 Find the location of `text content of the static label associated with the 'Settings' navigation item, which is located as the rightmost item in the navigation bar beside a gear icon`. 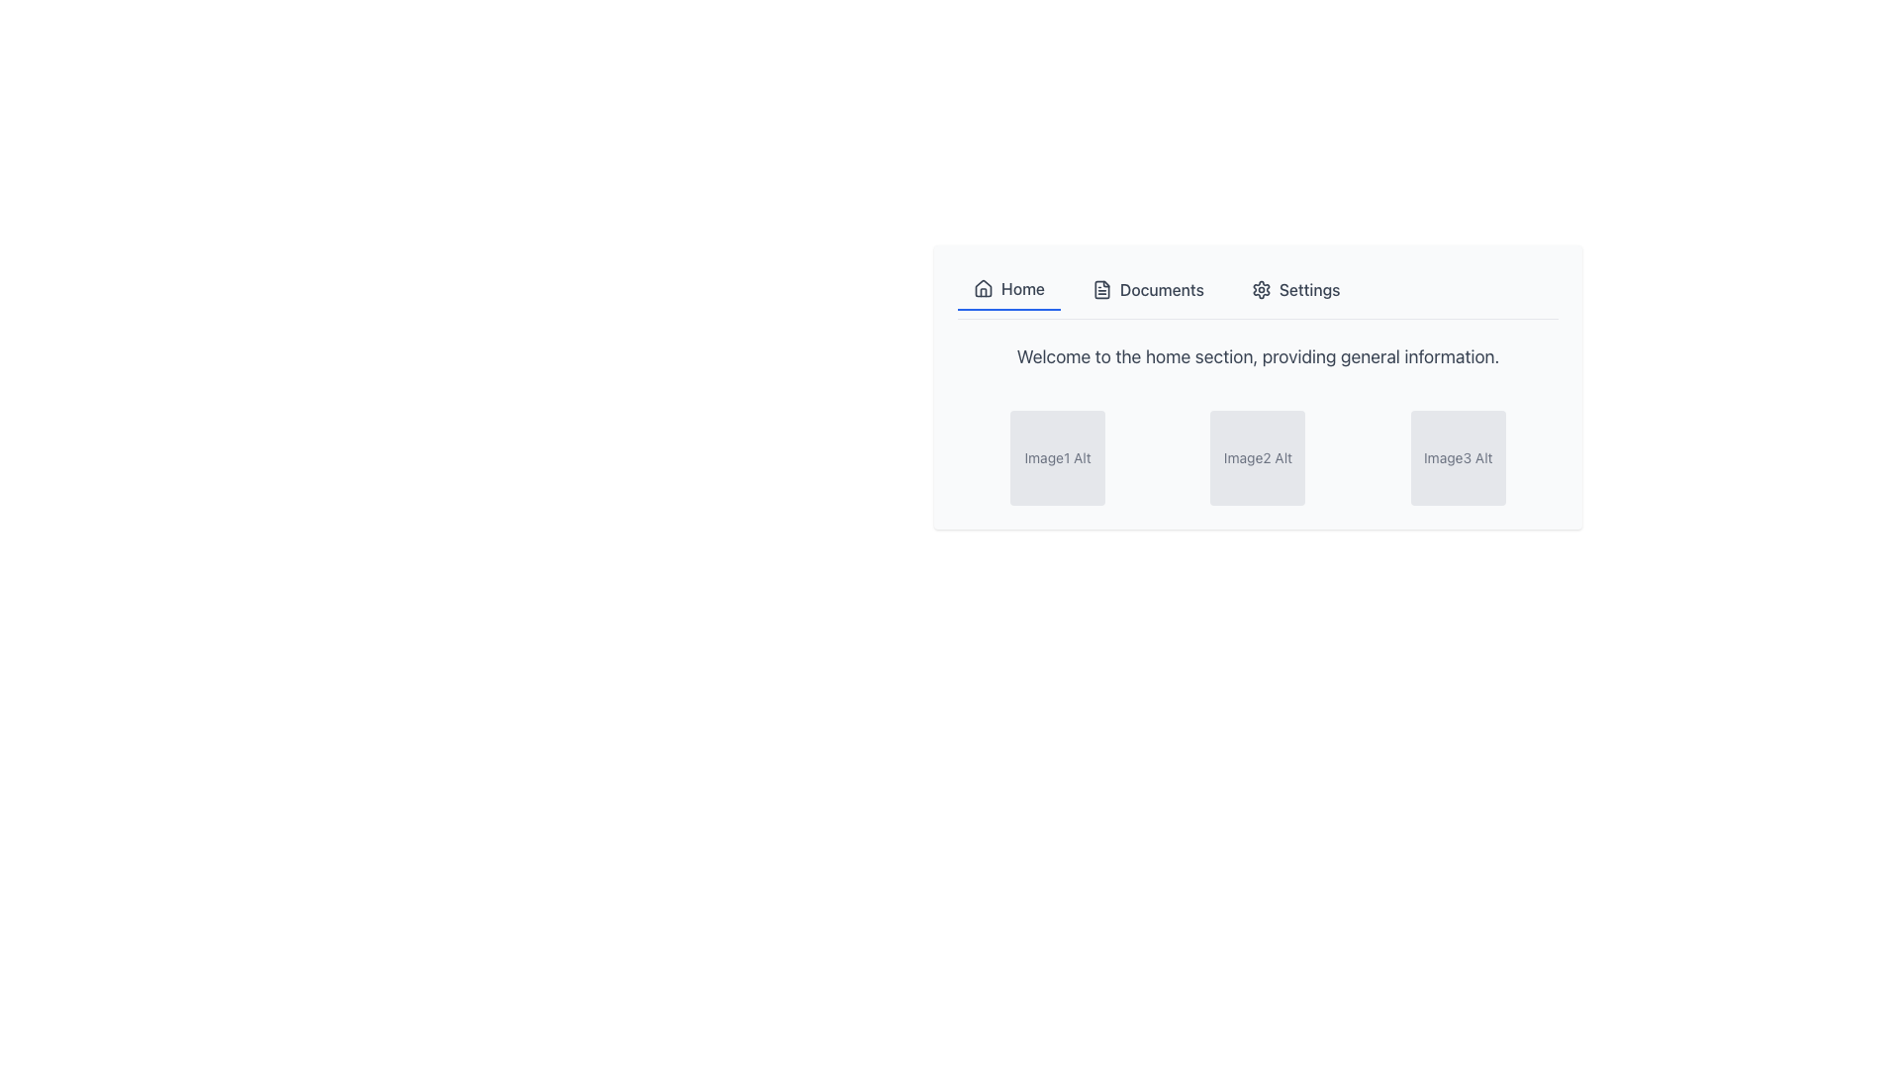

text content of the static label associated with the 'Settings' navigation item, which is located as the rightmost item in the navigation bar beside a gear icon is located at coordinates (1309, 290).